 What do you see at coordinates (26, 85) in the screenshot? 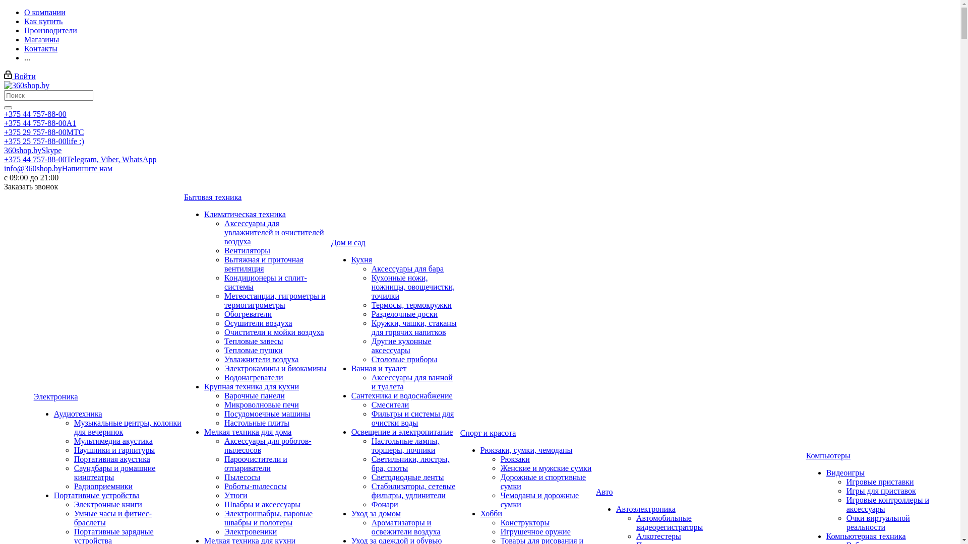
I see `'360shop.by'` at bounding box center [26, 85].